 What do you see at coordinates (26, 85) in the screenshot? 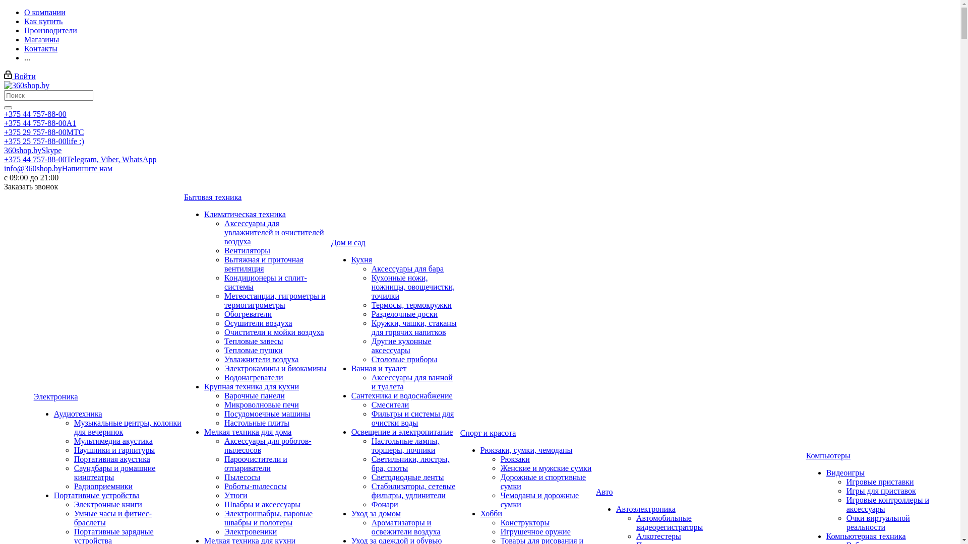
I see `'360shop.by'` at bounding box center [26, 85].